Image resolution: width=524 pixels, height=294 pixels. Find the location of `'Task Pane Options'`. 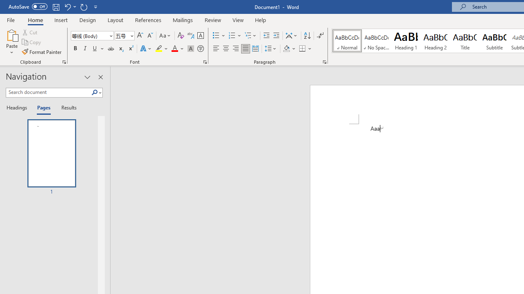

'Task Pane Options' is located at coordinates (88, 77).